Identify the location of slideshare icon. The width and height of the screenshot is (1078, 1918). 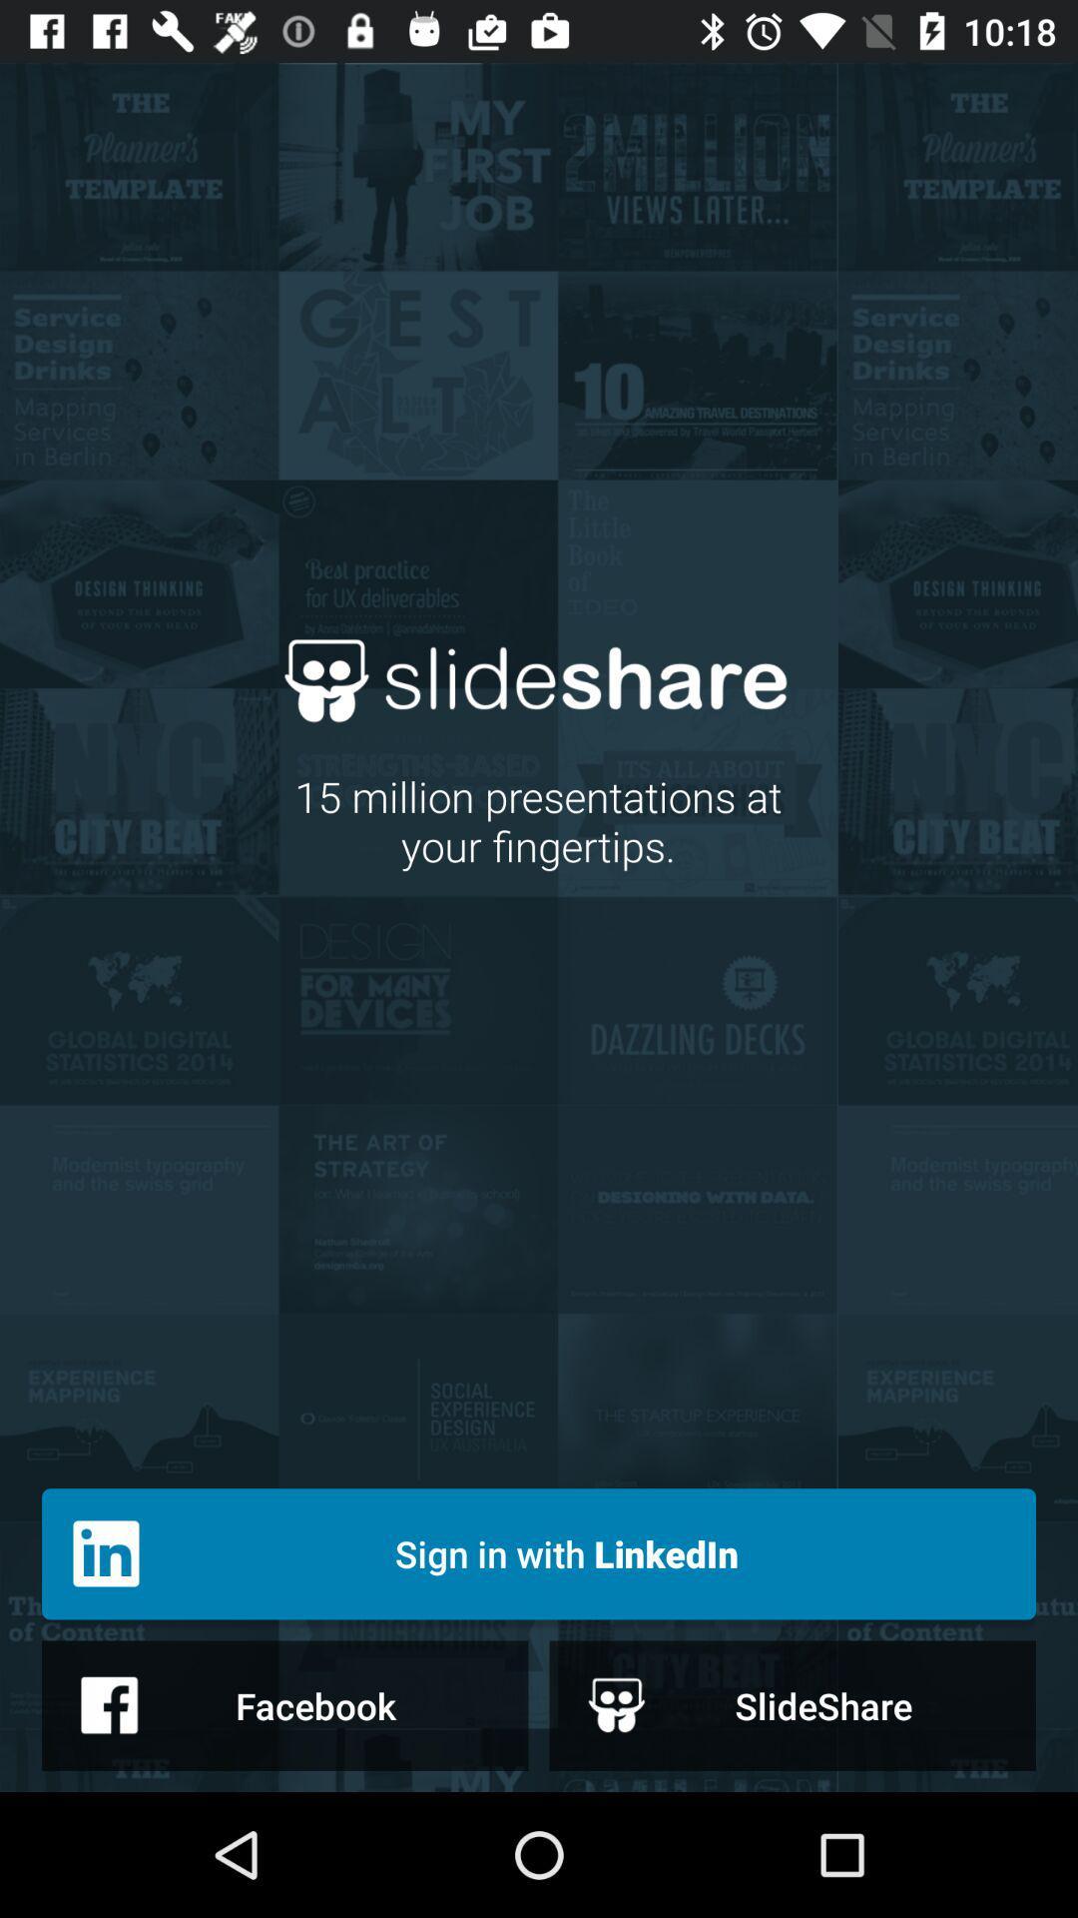
(792, 1704).